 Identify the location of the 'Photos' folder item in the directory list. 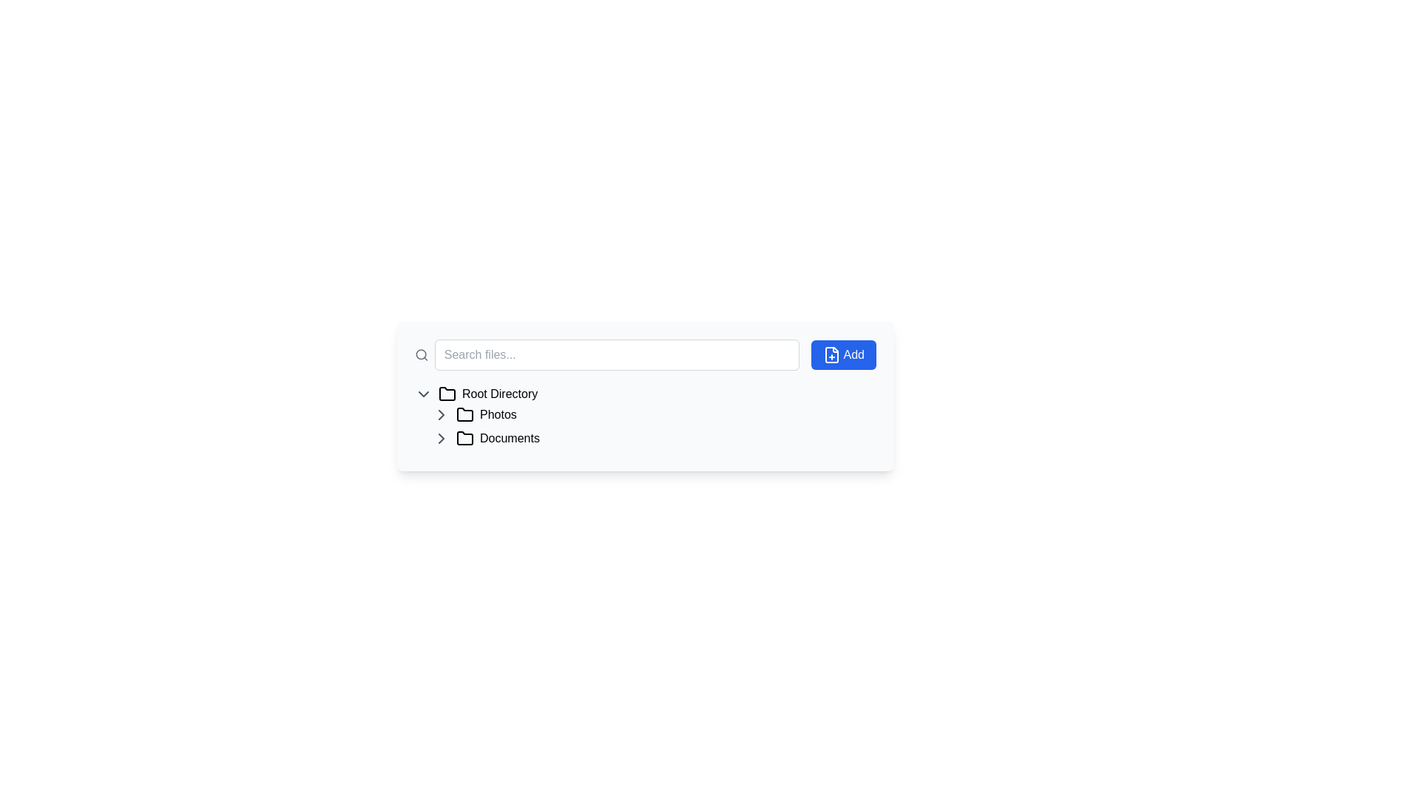
(653, 414).